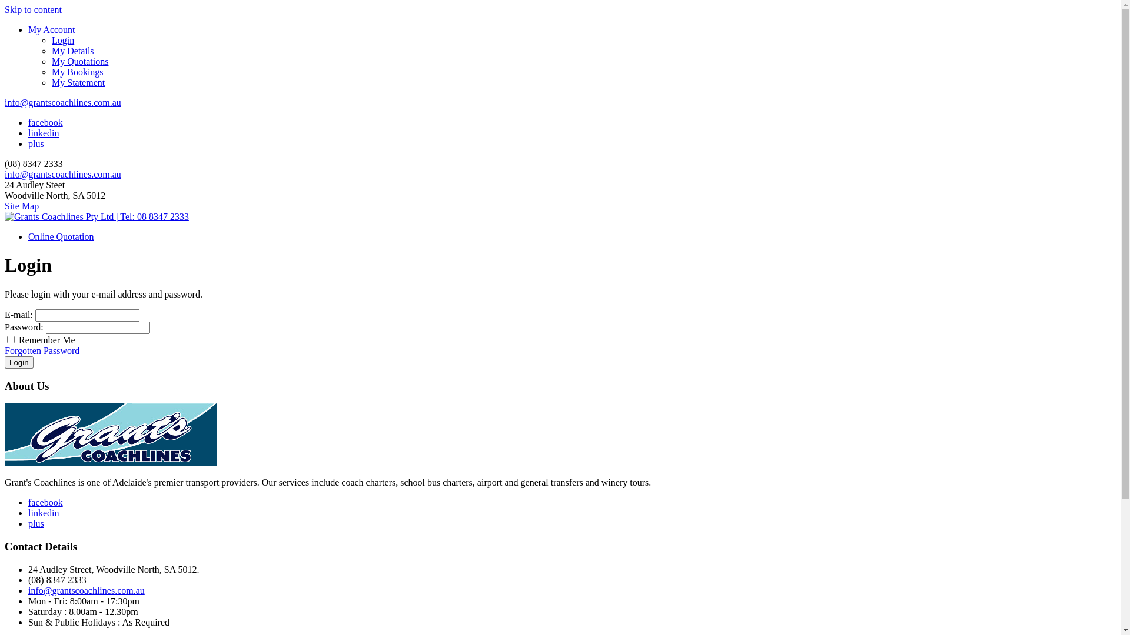 Image resolution: width=1130 pixels, height=635 pixels. What do you see at coordinates (33, 9) in the screenshot?
I see `'Skip to content'` at bounding box center [33, 9].